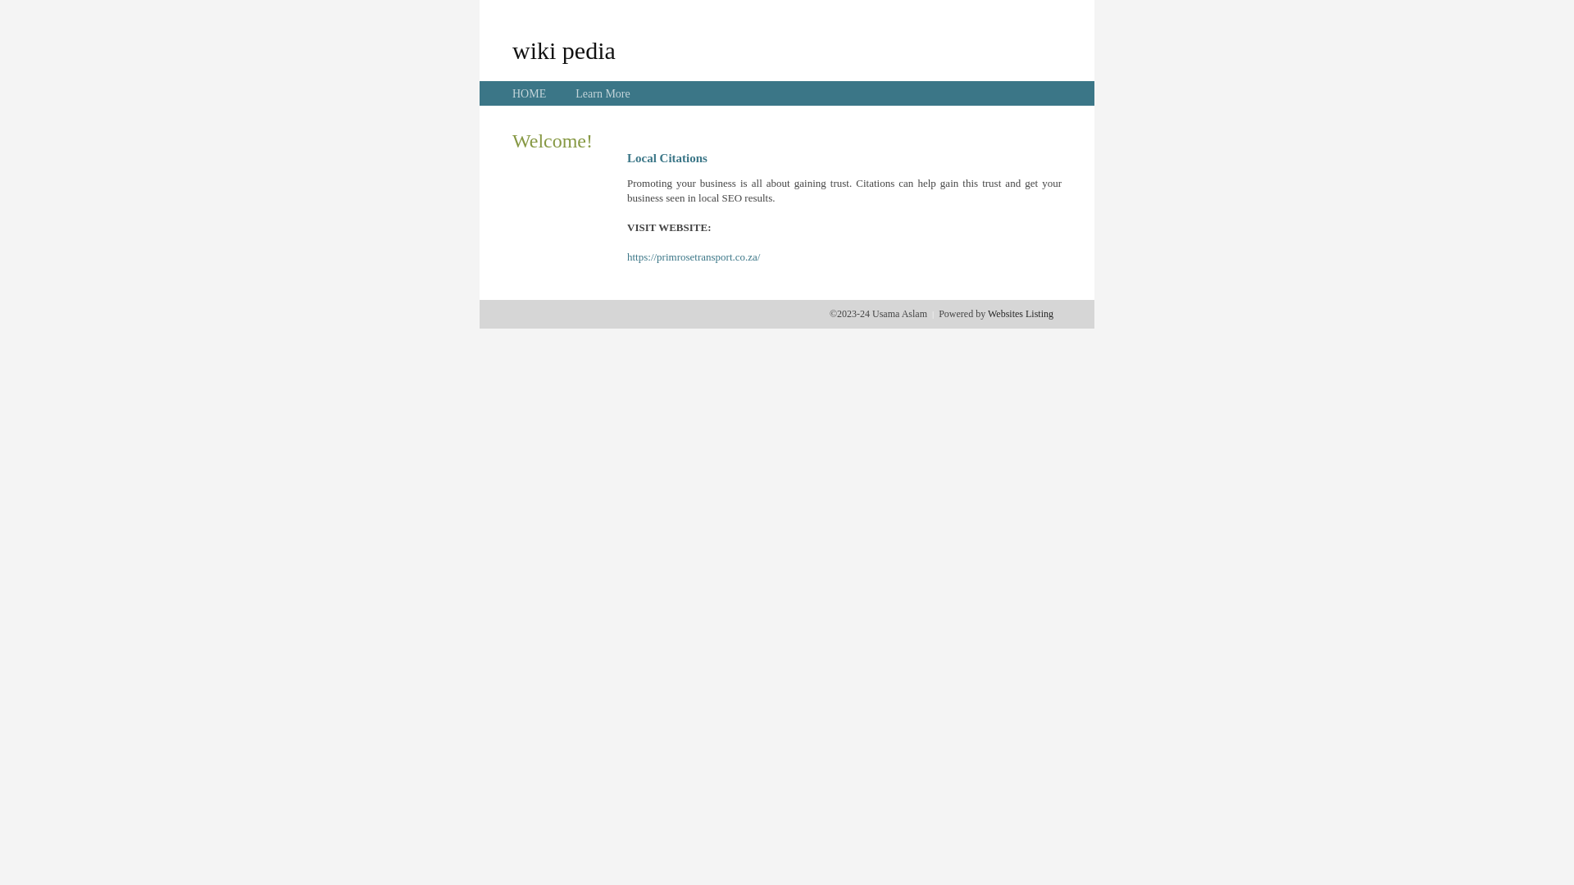 The height and width of the screenshot is (885, 1574). Describe the element at coordinates (529, 93) in the screenshot. I see `'HOME'` at that location.